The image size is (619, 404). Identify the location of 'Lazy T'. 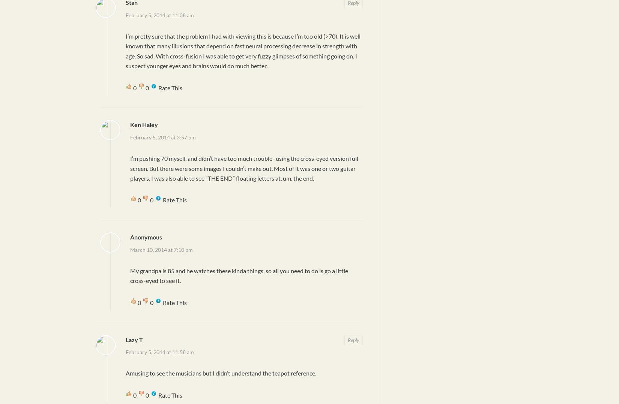
(134, 339).